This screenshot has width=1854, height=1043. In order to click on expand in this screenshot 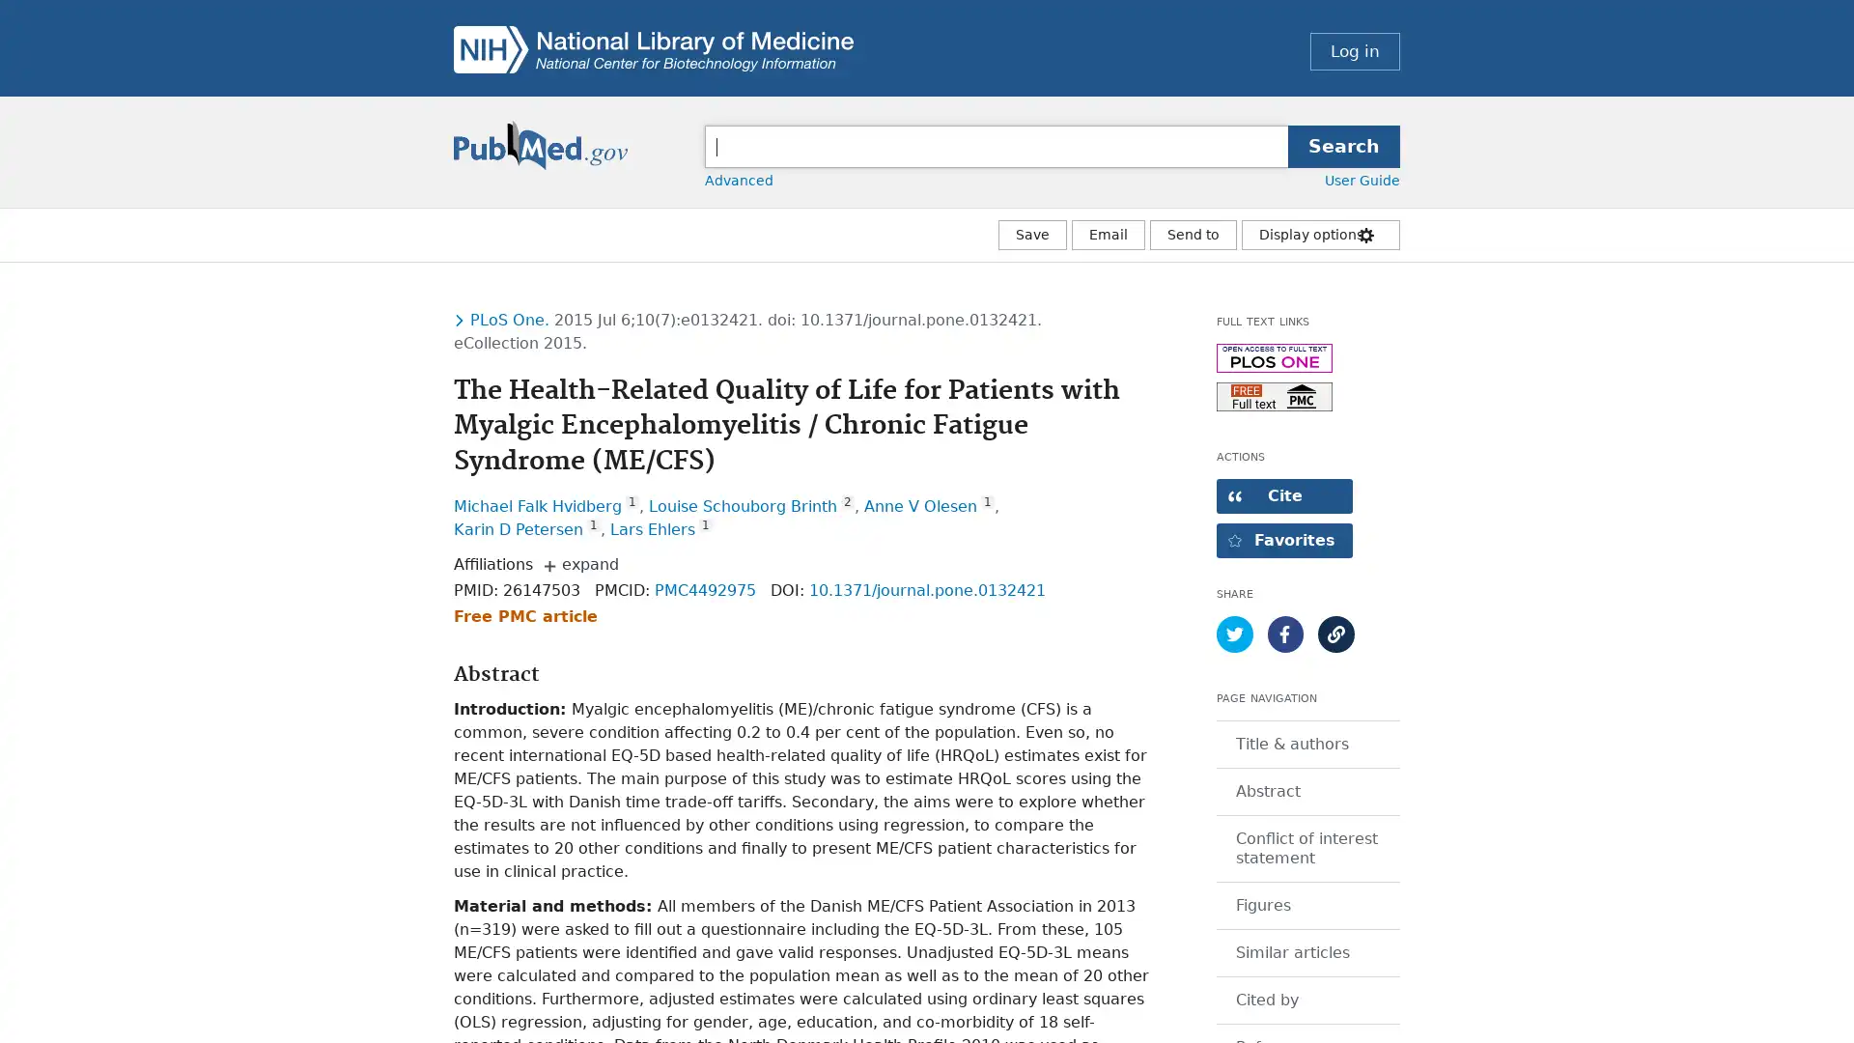, I will do `click(582, 565)`.